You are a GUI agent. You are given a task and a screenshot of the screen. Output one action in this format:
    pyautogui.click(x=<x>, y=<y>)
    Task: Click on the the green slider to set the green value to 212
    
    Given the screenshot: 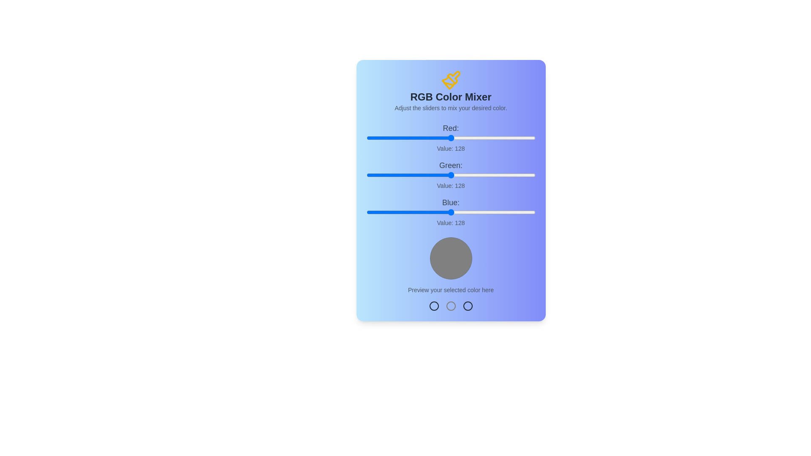 What is the action you would take?
    pyautogui.click(x=507, y=175)
    